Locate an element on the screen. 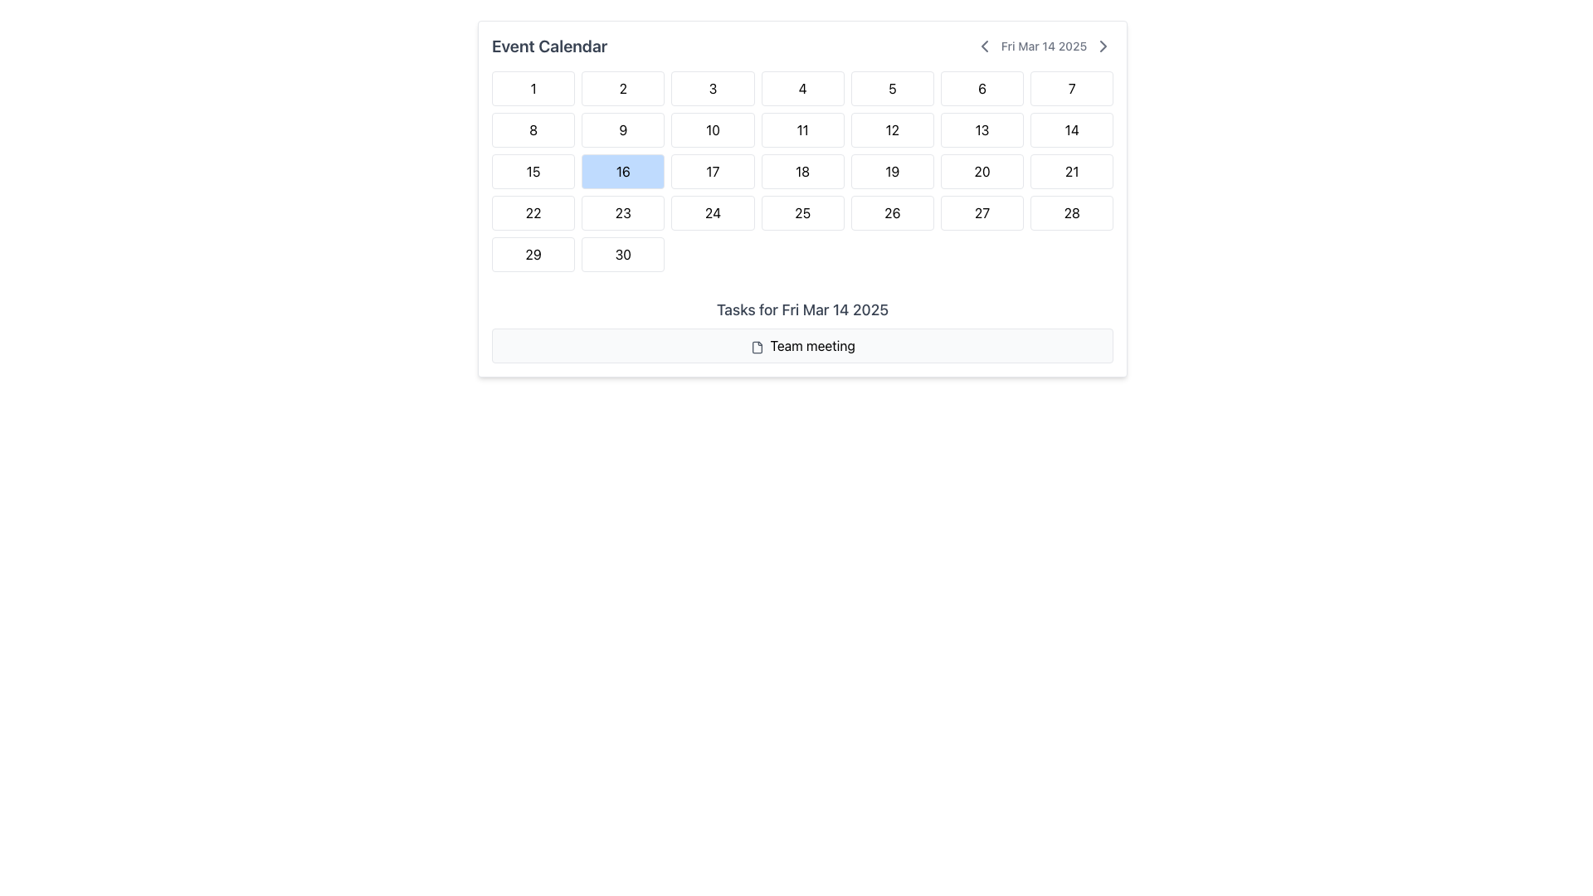  the calendar day cell representing the 24th day of the month is located at coordinates (713, 212).